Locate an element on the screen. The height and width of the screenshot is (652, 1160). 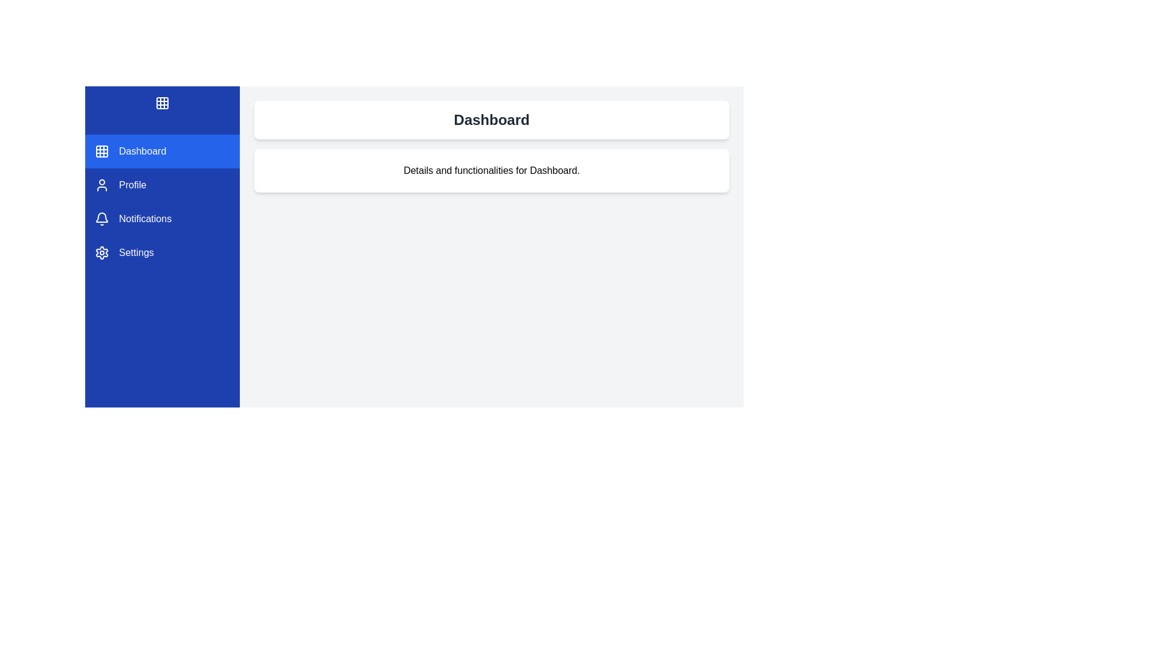
the grid icon located in the navigation sidebar, to the left of the 'Dashboard' text is located at coordinates (101, 150).